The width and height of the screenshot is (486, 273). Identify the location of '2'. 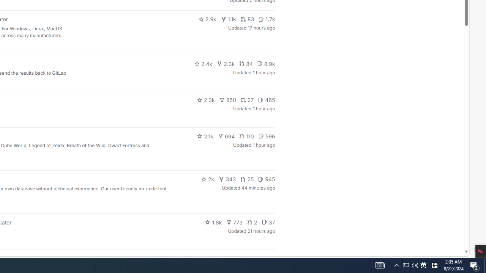
(252, 222).